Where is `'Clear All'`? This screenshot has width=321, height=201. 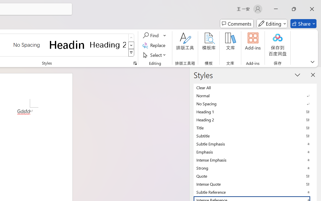 'Clear All' is located at coordinates (255, 87).